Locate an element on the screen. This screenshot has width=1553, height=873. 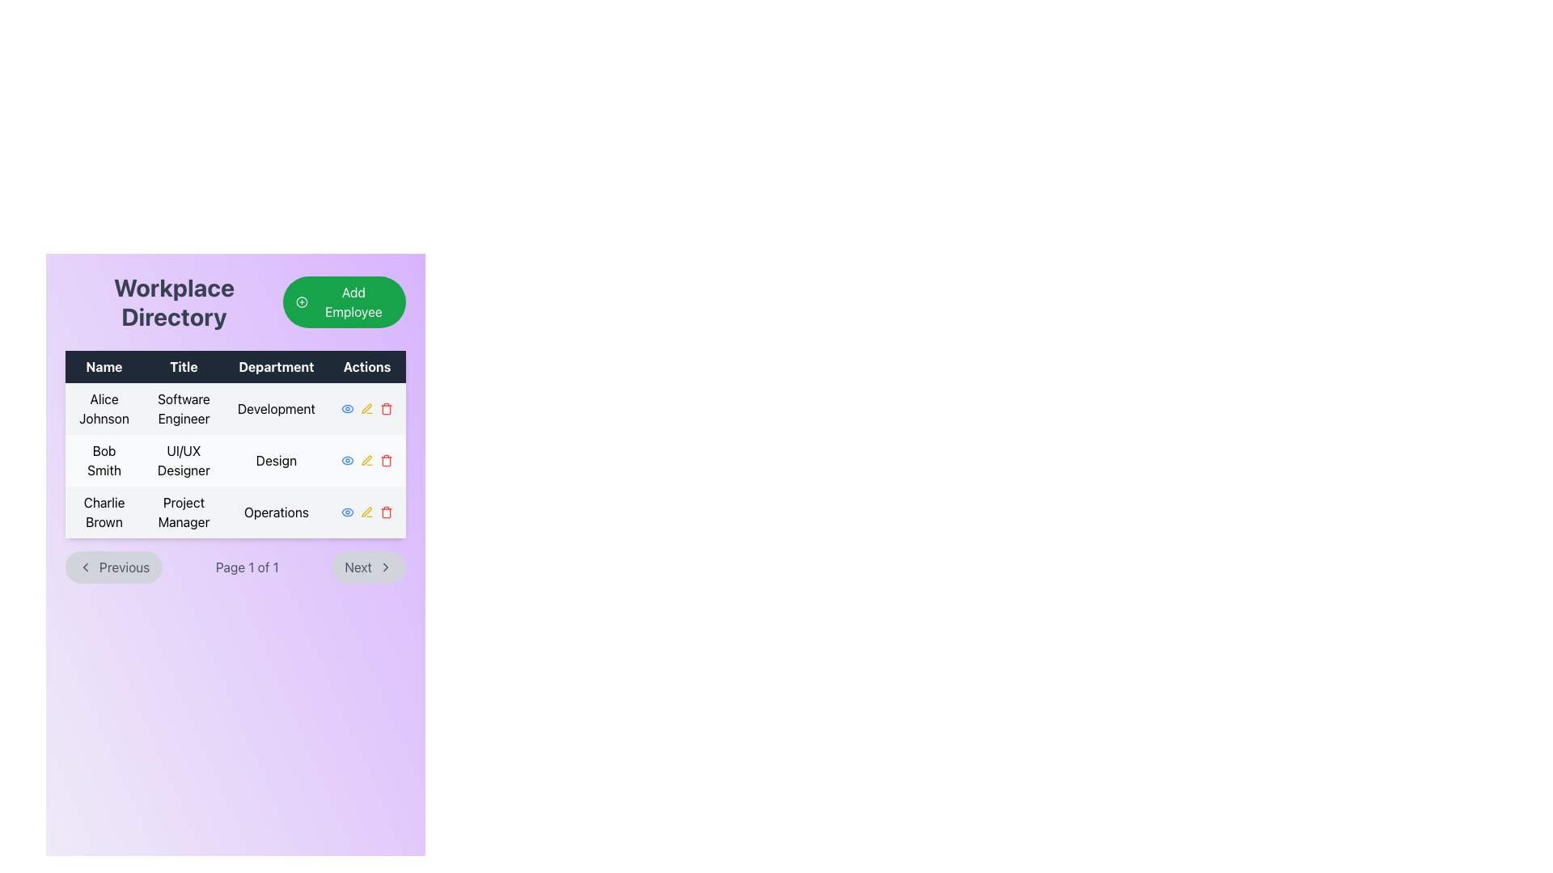
the blue eye-shaped icon in the 'Actions' column of the second row for the employee 'Bob Smith' is located at coordinates (346, 407).